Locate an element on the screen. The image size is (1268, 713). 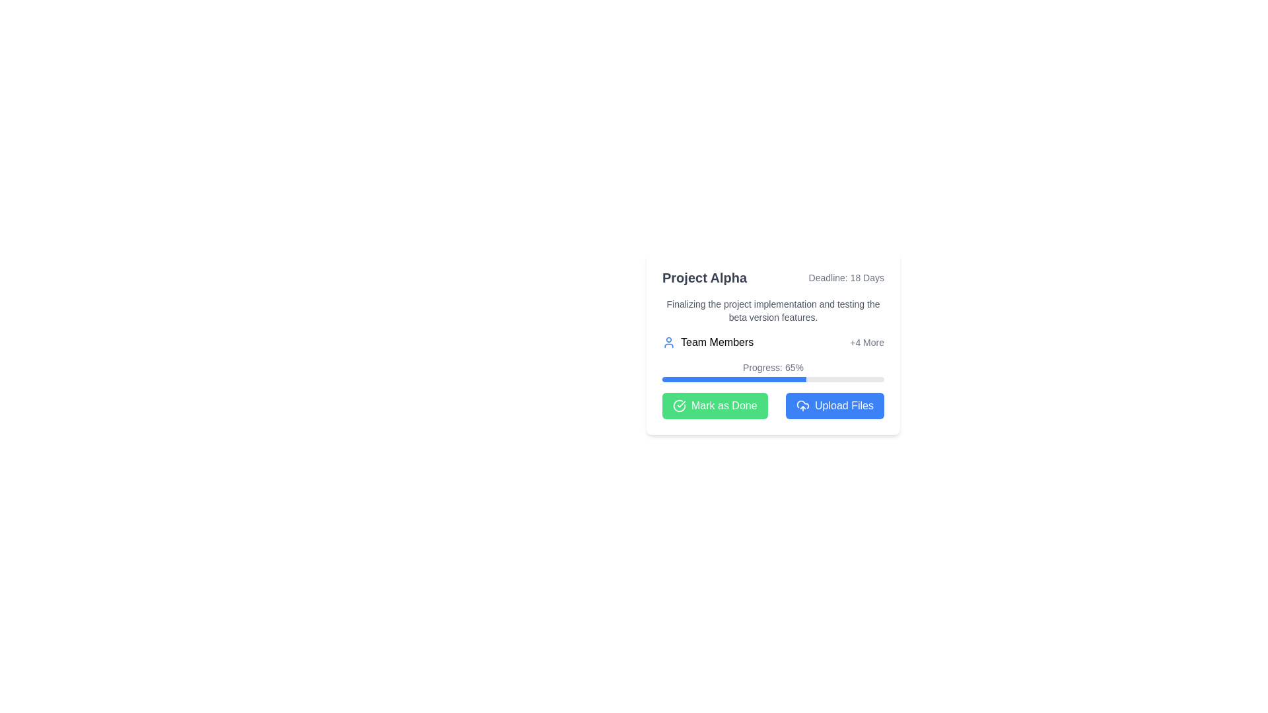
the upload files icon is located at coordinates (802, 405).